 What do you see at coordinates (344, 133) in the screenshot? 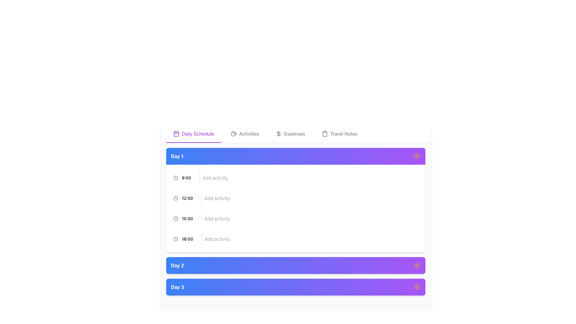
I see `the navigation text label for travel notes located on the right-hand side of the navigation menu` at bounding box center [344, 133].